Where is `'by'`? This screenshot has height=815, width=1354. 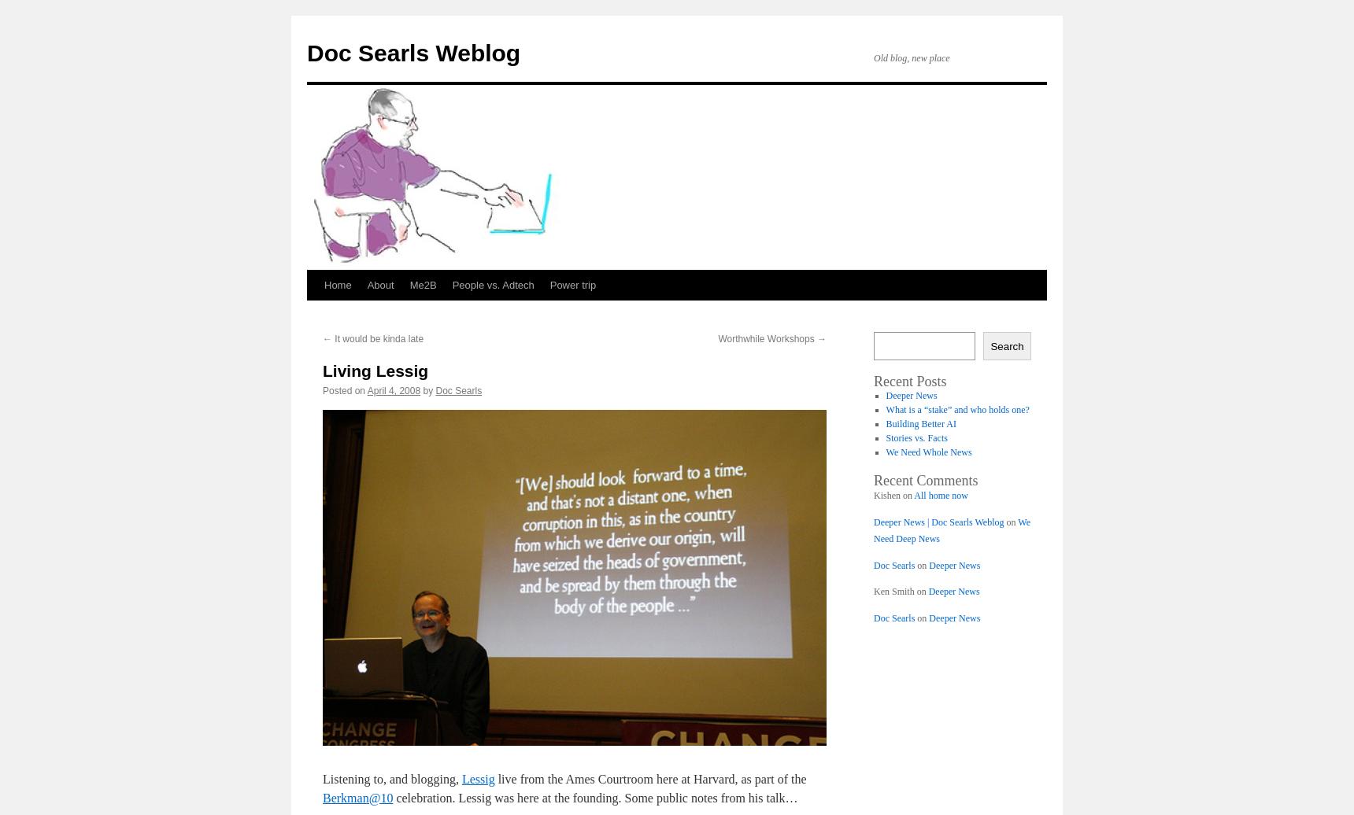
'by' is located at coordinates (427, 390).